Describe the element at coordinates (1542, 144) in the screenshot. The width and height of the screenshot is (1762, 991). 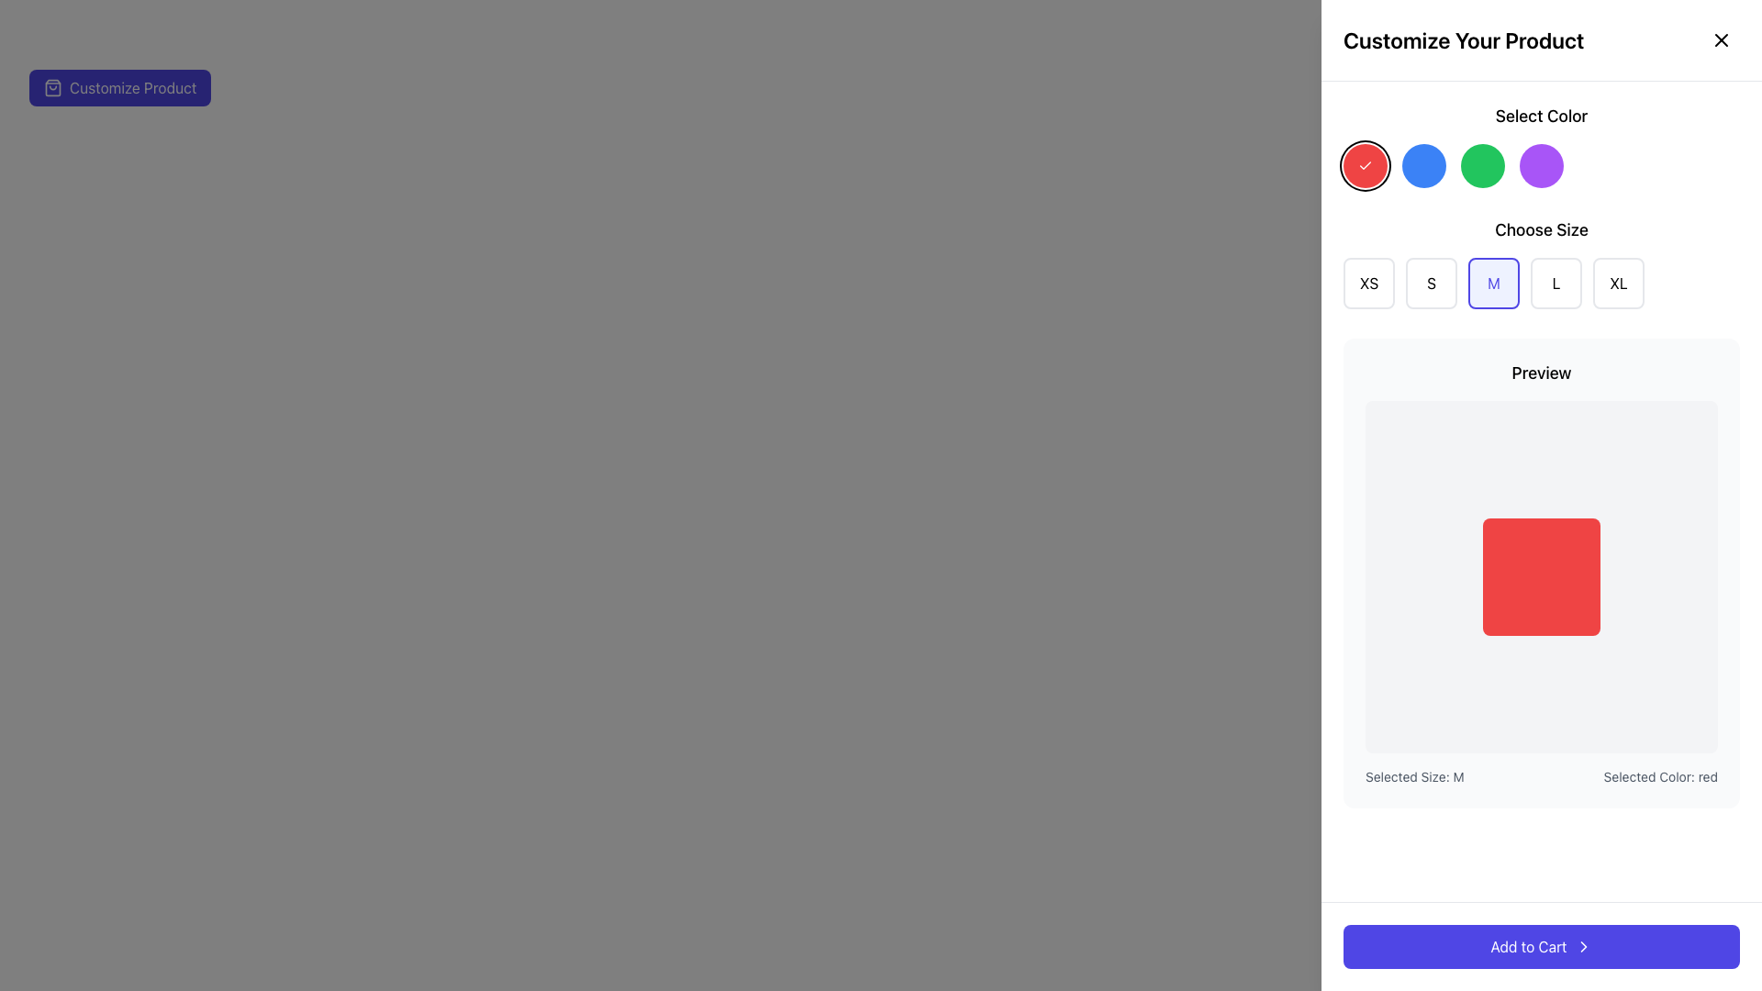
I see `the Text Label that informs the user about the purpose of the below color options in the 'Customize Your Product' panel` at that location.